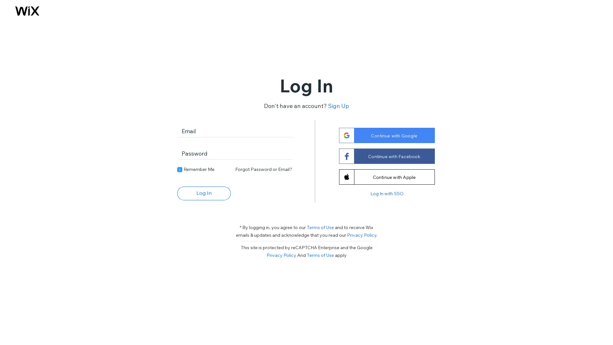  I want to click on Continue with Apple, so click(386, 176).